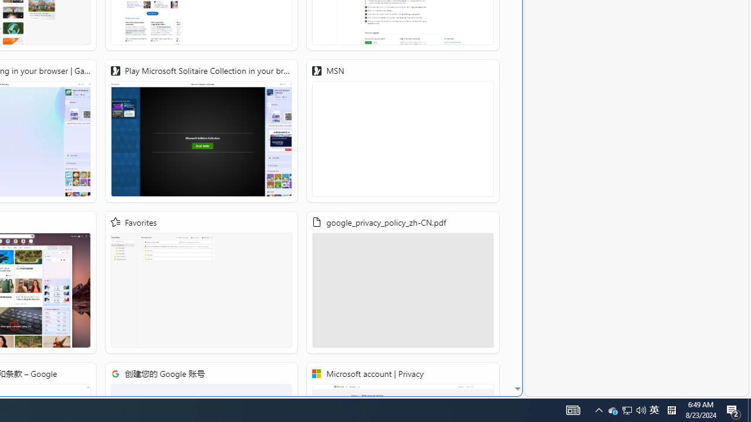 The width and height of the screenshot is (751, 422). What do you see at coordinates (403, 283) in the screenshot?
I see `'google_privacy_policy_zh-CN.pdf'` at bounding box center [403, 283].